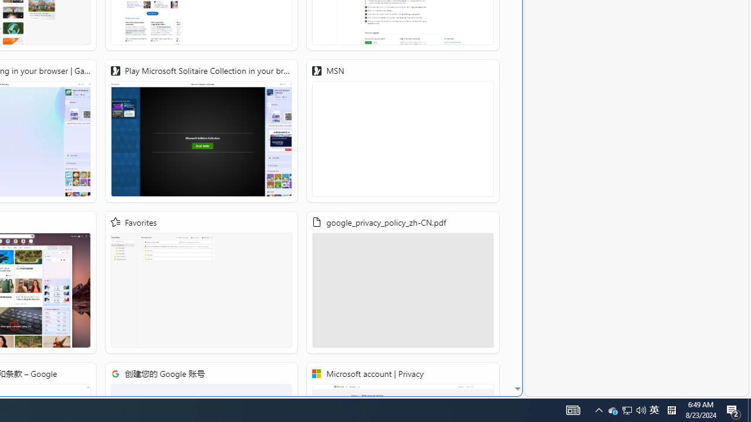 The width and height of the screenshot is (751, 422). What do you see at coordinates (403, 283) in the screenshot?
I see `'google_privacy_policy_zh-CN.pdf'` at bounding box center [403, 283].